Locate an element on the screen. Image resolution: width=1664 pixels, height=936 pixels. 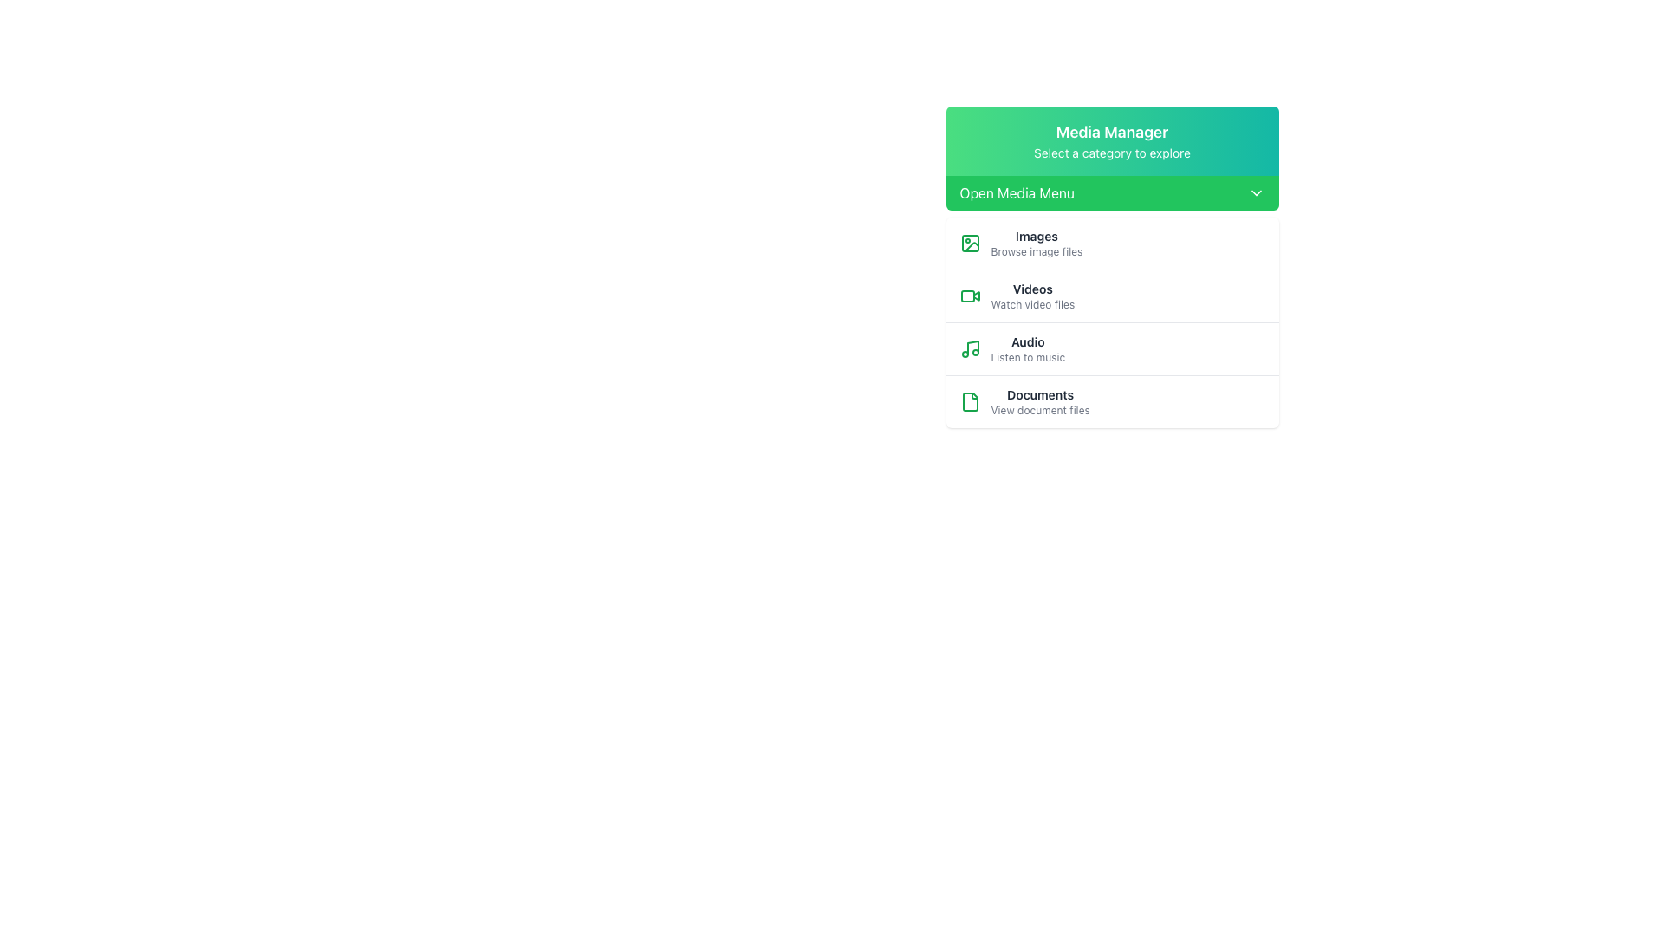
the text label that says 'Select a category is located at coordinates (1112, 153).